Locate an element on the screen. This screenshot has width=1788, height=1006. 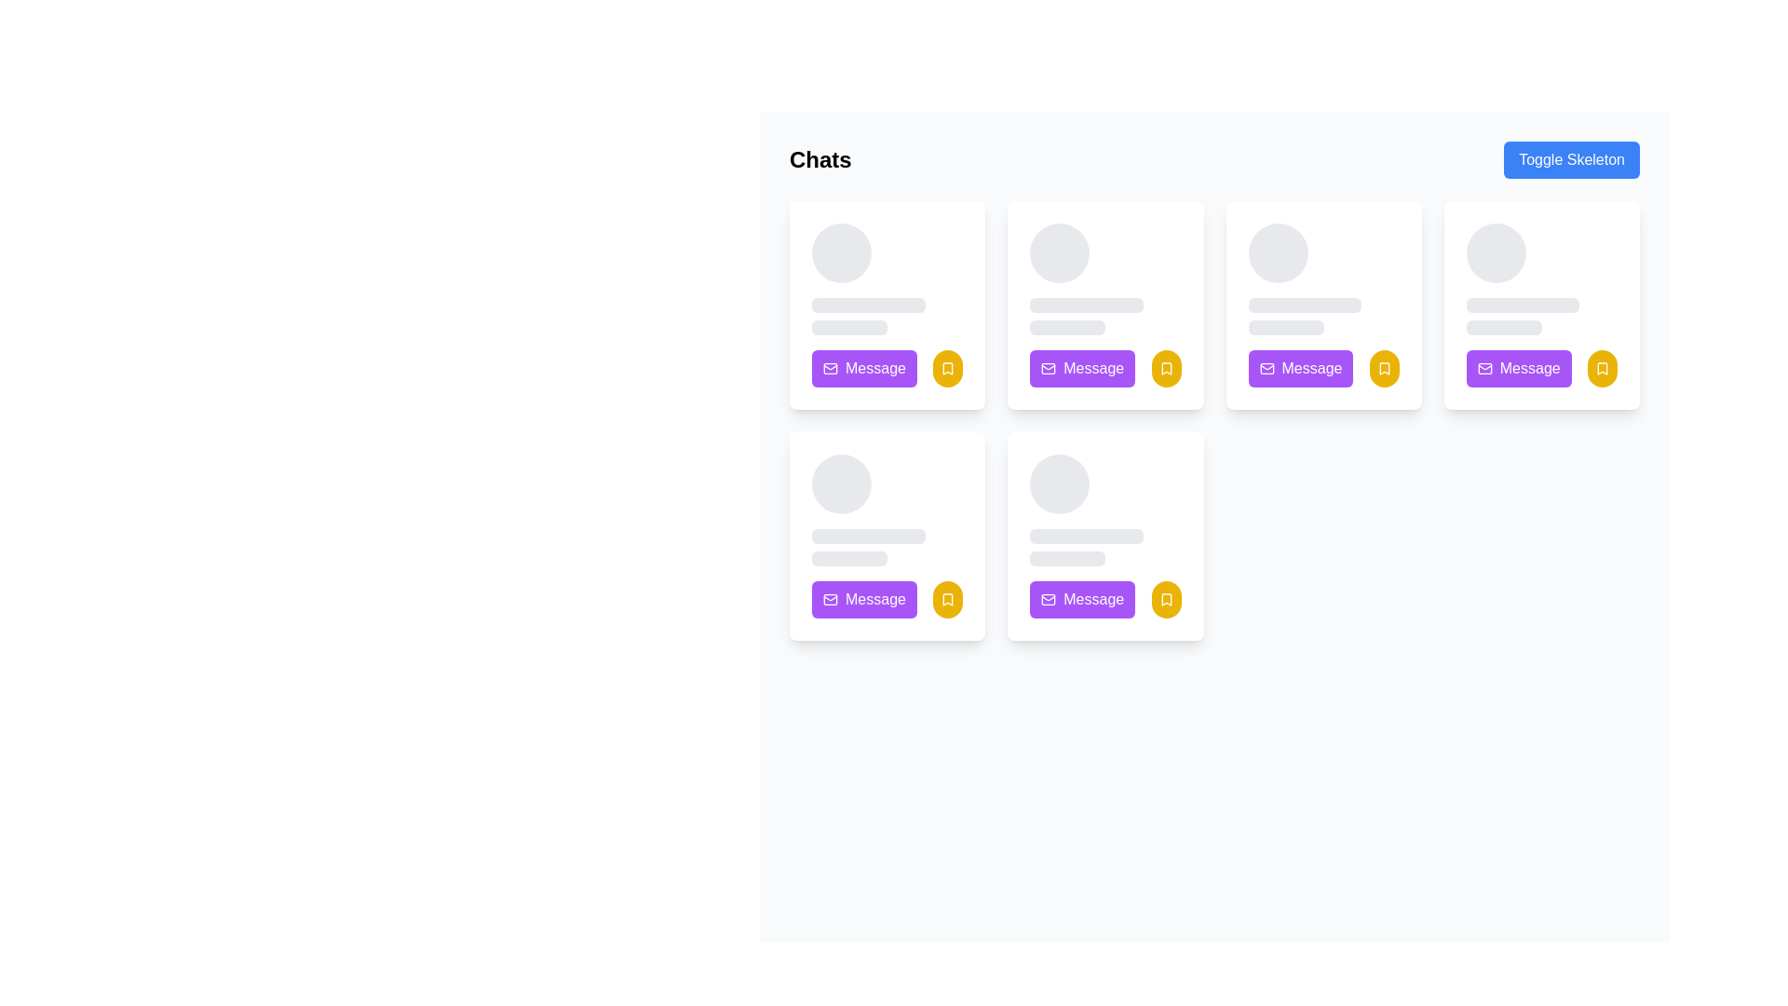
the bookmark icon located in the bottom-right corner of the second card in the second row of the grid layout is located at coordinates (948, 600).